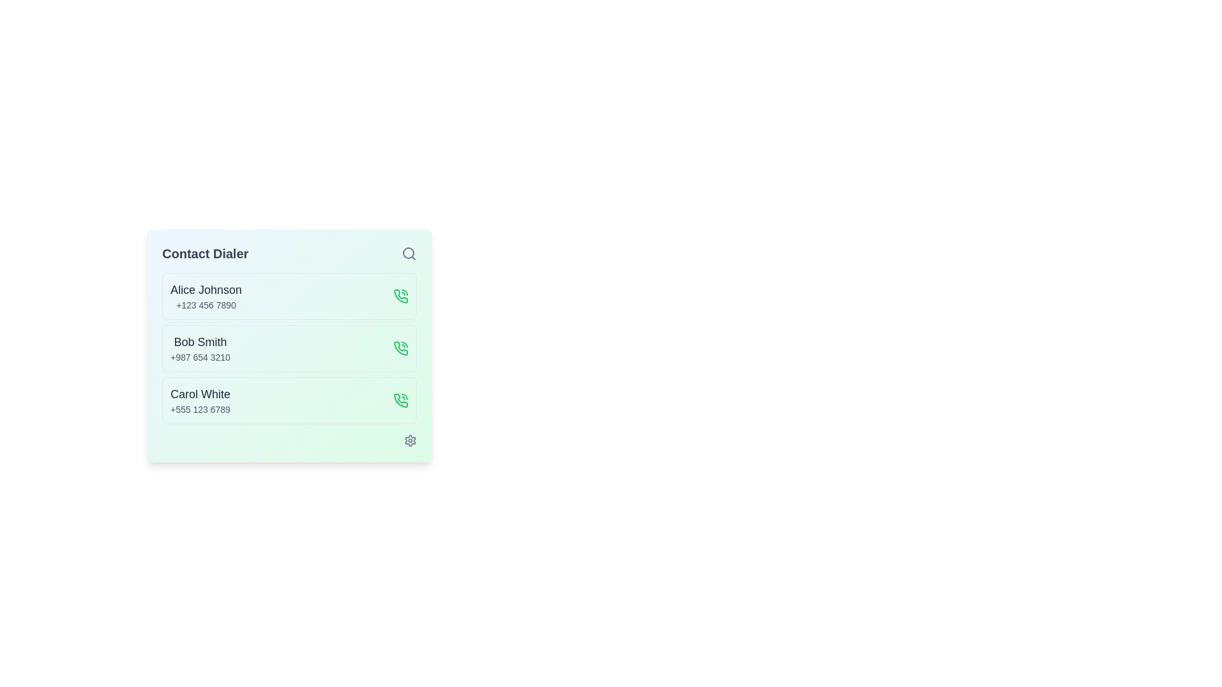 This screenshot has width=1222, height=687. What do you see at coordinates (206, 289) in the screenshot?
I see `the Text Label that represents the name of the contact in the contact list, located at the top left corner of the first contact entry, above the phone number '+123 456 7890'` at bounding box center [206, 289].